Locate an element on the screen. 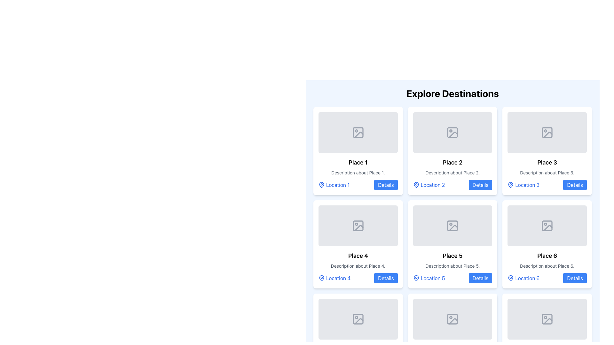 This screenshot has width=614, height=345. the blue outlined map pin icon located to the left of the text 'Location 3' in the card for 'Place 3' in the grid layout is located at coordinates (510, 185).